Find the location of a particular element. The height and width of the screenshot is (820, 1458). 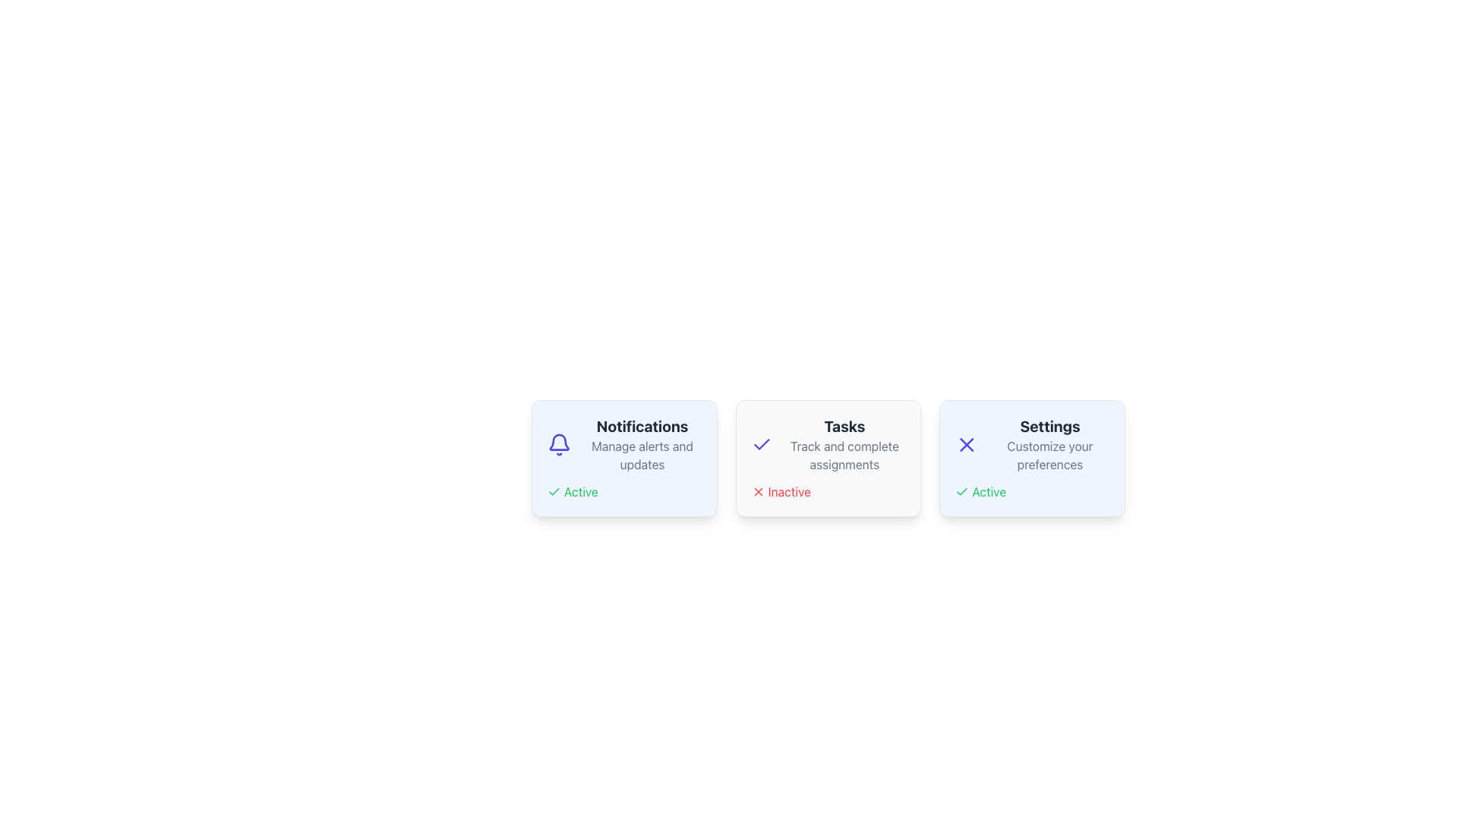

text content of the label displaying 'Manage alerts and updates' which is located beneath the 'Notifications' title in a card with a light blue background is located at coordinates (642, 455).